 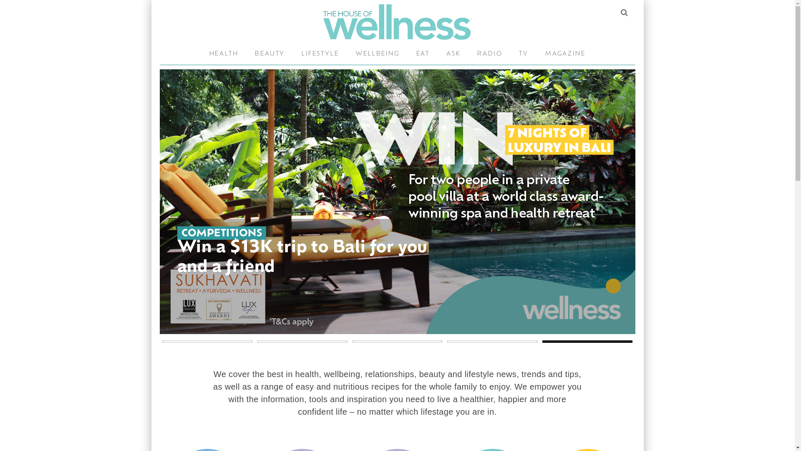 I want to click on 'EAT', so click(x=423, y=54).